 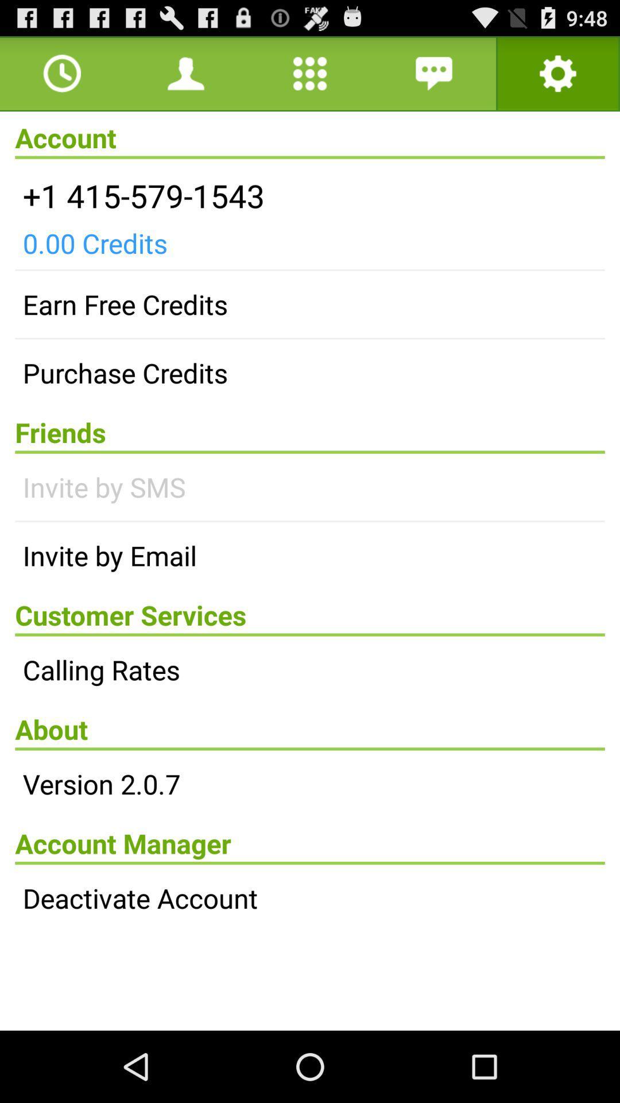 What do you see at coordinates (310, 669) in the screenshot?
I see `the calling rates icon` at bounding box center [310, 669].